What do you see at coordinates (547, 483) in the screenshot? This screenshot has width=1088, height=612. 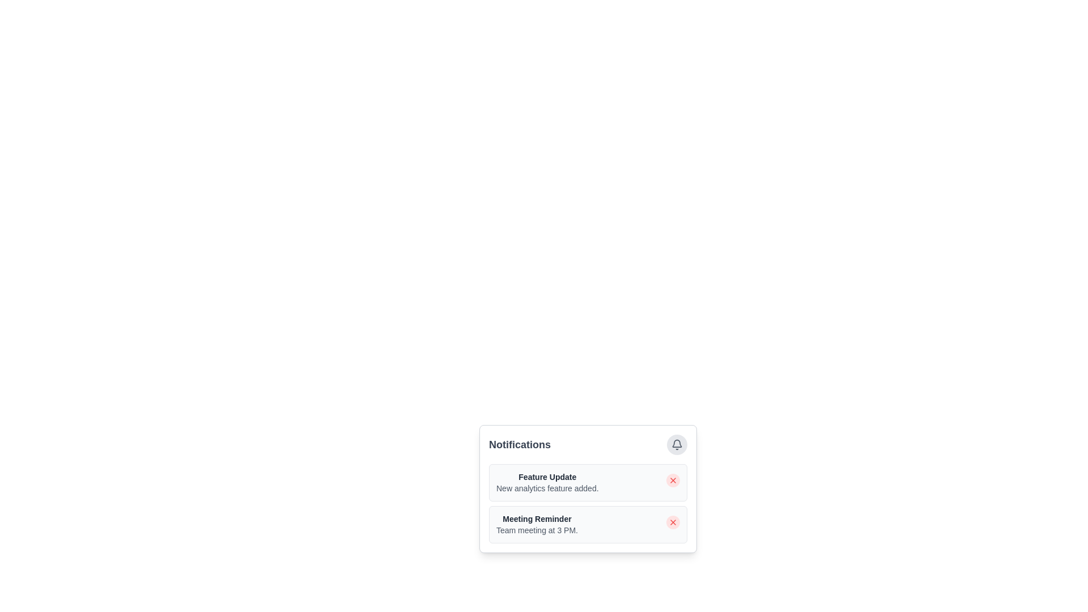 I see `the first notification entry in the notification panel that provides updates about a new analytics feature` at bounding box center [547, 483].